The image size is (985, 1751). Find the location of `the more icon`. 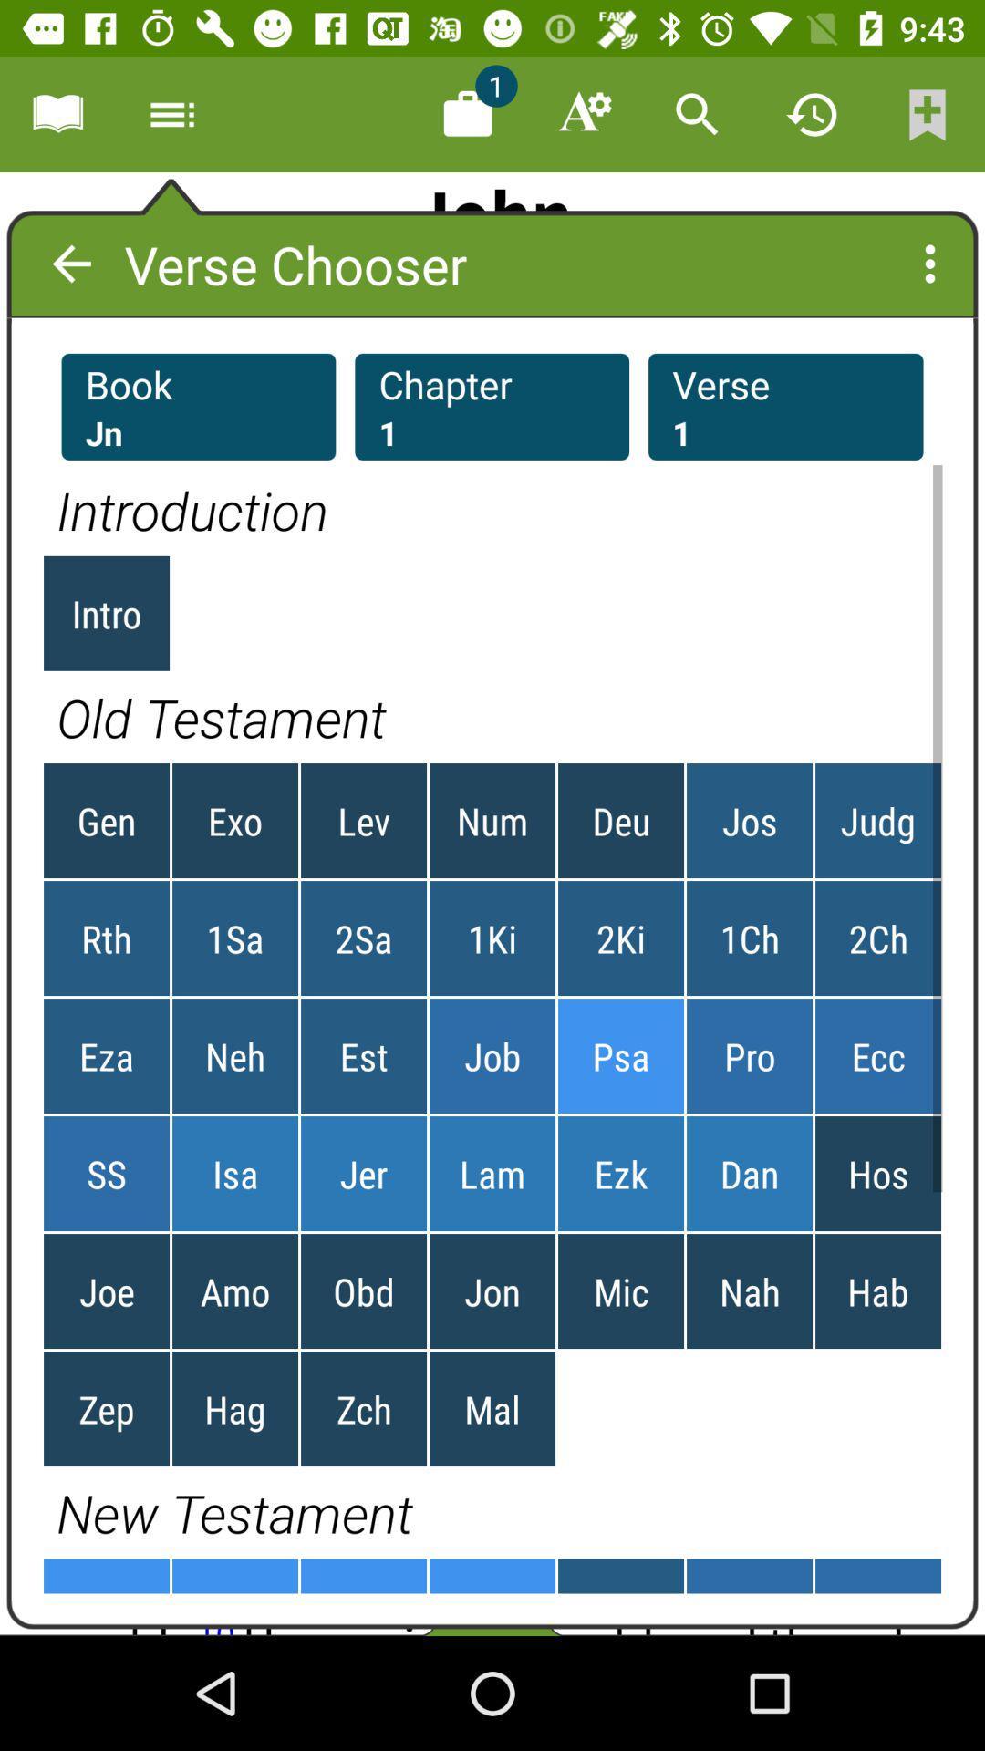

the more icon is located at coordinates (929, 263).